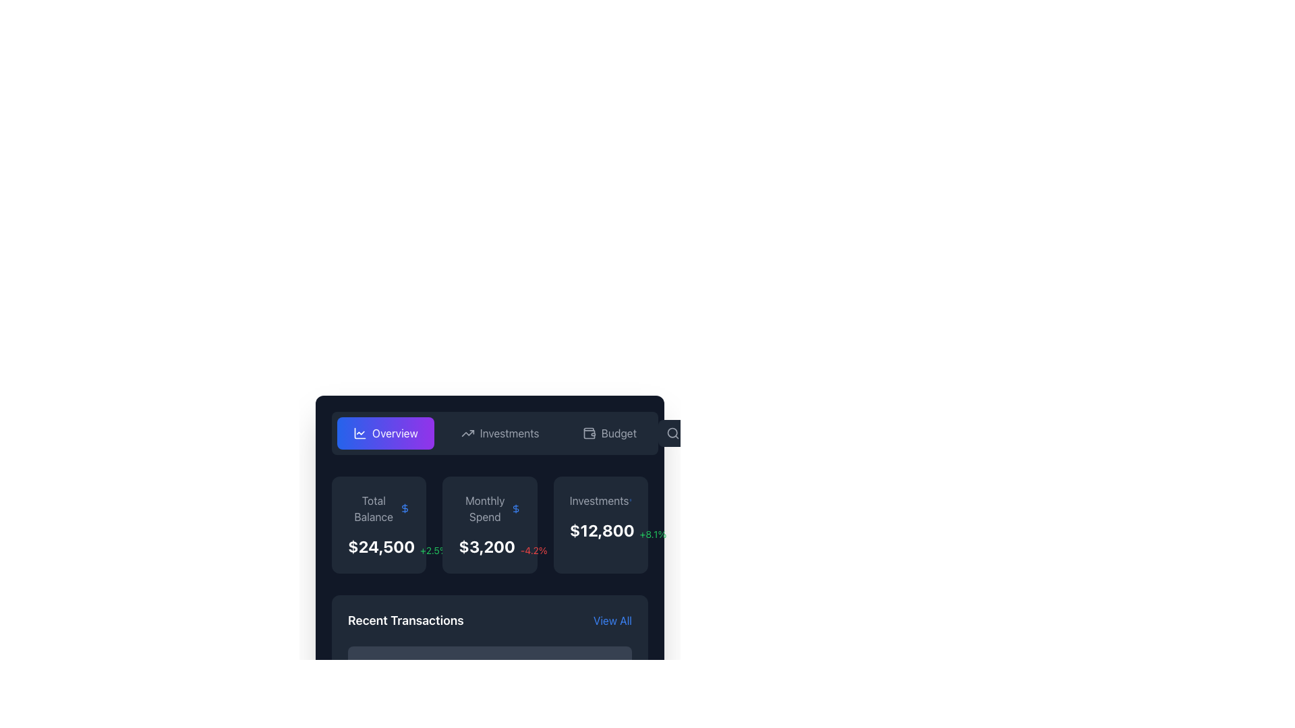 The height and width of the screenshot is (728, 1295). What do you see at coordinates (378, 546) in the screenshot?
I see `the Label displaying the total balance, which shows the value '$24,500' in large white font and the percentage change '+2.5%' in smaller green text` at bounding box center [378, 546].